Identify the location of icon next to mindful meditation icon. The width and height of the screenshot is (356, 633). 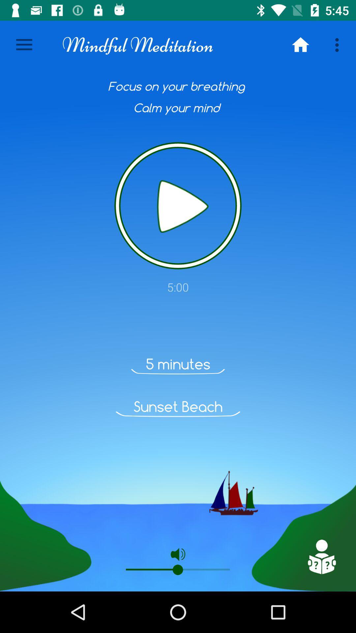
(300, 45).